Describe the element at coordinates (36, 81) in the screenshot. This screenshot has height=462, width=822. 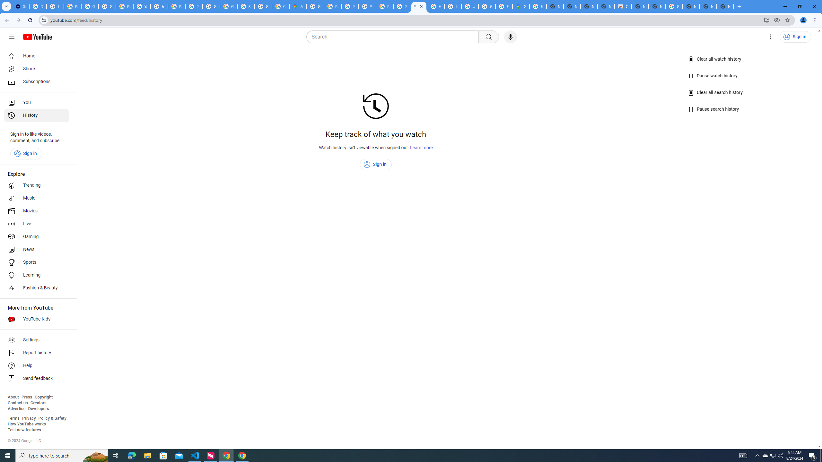
I see `'Subscriptions'` at that location.